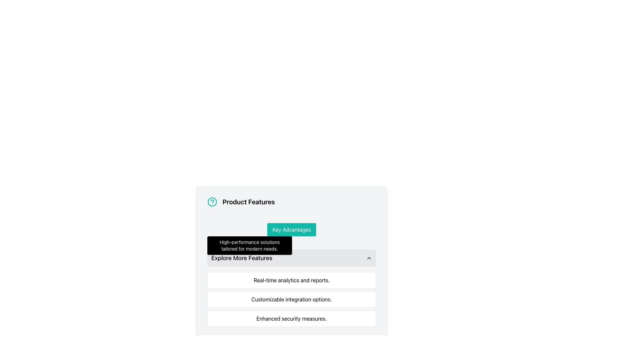  Describe the element at coordinates (212, 201) in the screenshot. I see `the circular teal icon with a question mark symbol located at the top-left corner of the 'Product Features' section` at that location.